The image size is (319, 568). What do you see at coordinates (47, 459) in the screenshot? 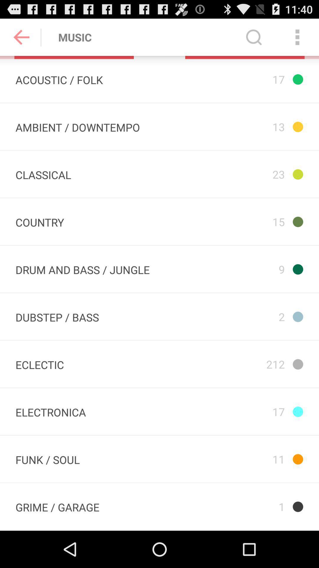
I see `the item below the electronica` at bounding box center [47, 459].